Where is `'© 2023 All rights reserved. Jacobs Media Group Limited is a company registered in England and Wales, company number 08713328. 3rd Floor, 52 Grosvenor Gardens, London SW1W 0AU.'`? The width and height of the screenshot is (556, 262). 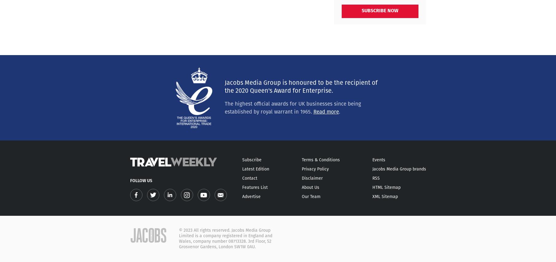 '© 2023 All rights reserved. Jacobs Media Group Limited is a company registered in England and Wales, company number 08713328. 3rd Floor, 52 Grosvenor Gardens, London SW1W 0AU.' is located at coordinates (225, 238).